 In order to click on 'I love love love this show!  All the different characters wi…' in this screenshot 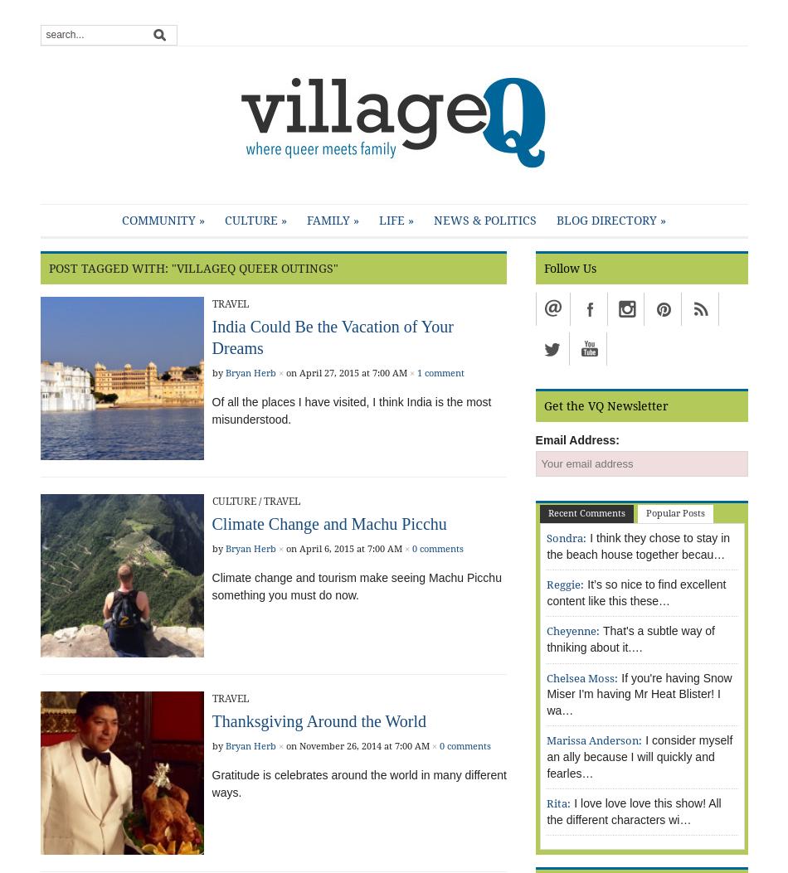, I will do `click(547, 811)`.